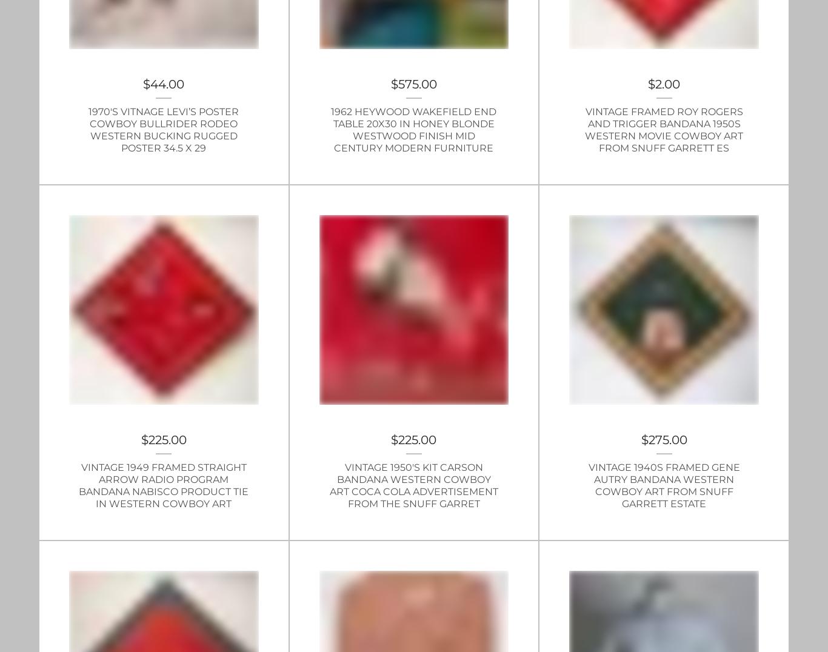  What do you see at coordinates (417, 84) in the screenshot?
I see `'575.00'` at bounding box center [417, 84].